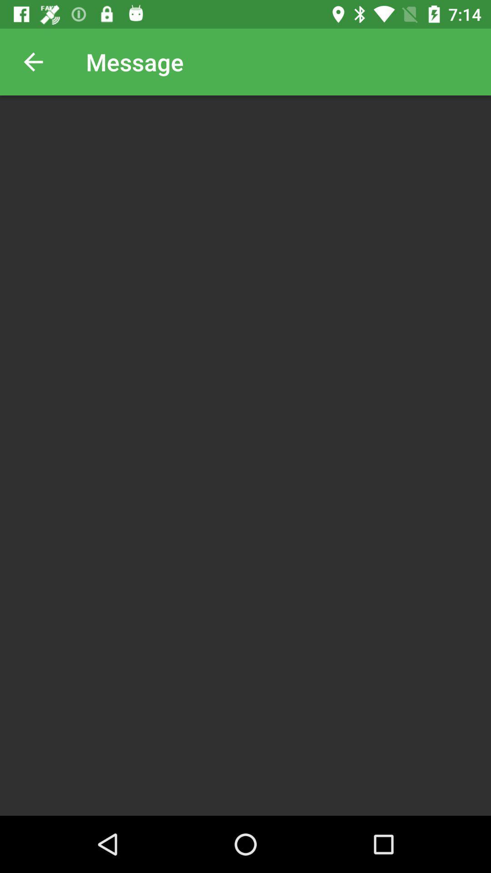 The height and width of the screenshot is (873, 491). What do you see at coordinates (33, 61) in the screenshot?
I see `icon next to the message item` at bounding box center [33, 61].